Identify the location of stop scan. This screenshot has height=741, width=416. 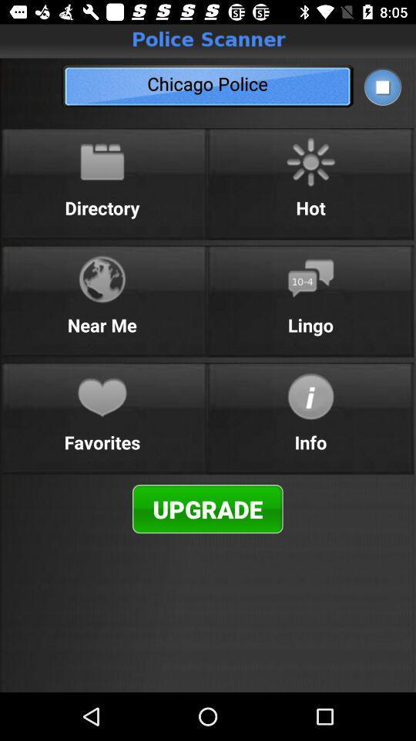
(381, 86).